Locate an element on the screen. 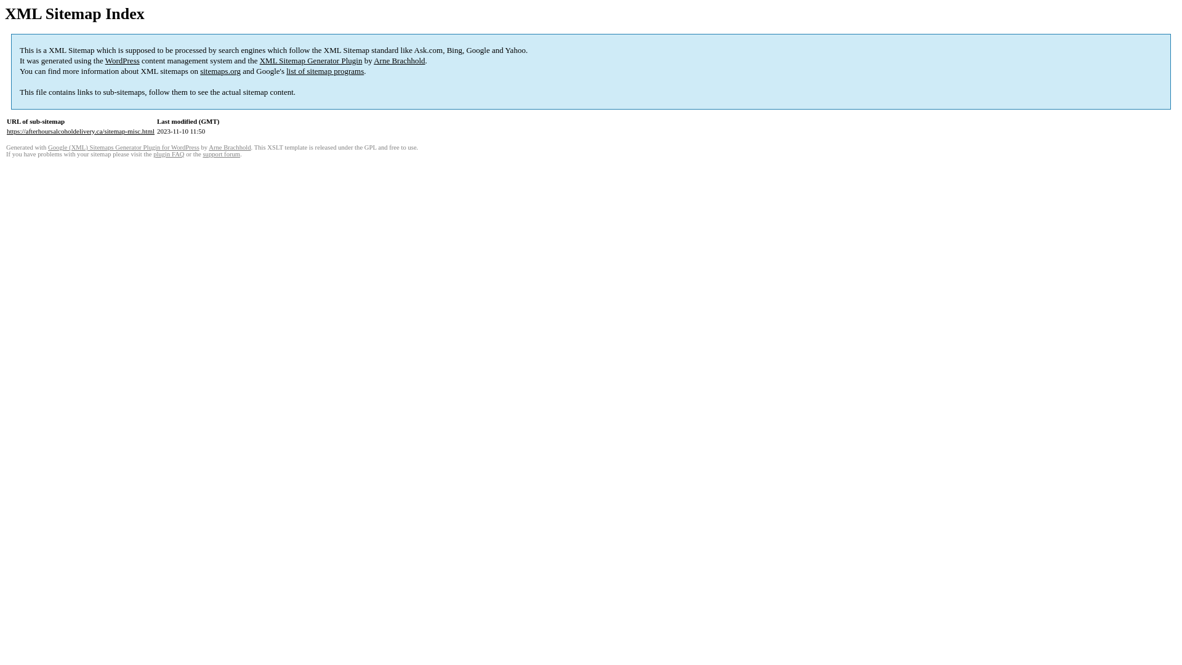  'Arne Brachhold' is located at coordinates (399, 60).